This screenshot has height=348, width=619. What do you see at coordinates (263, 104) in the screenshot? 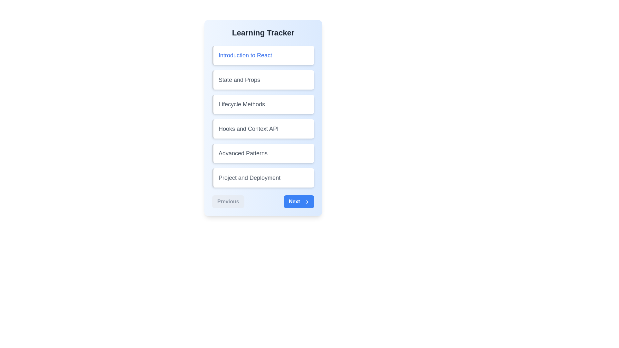
I see `the lesson titled 'Lifecycle Methods' to select it` at bounding box center [263, 104].